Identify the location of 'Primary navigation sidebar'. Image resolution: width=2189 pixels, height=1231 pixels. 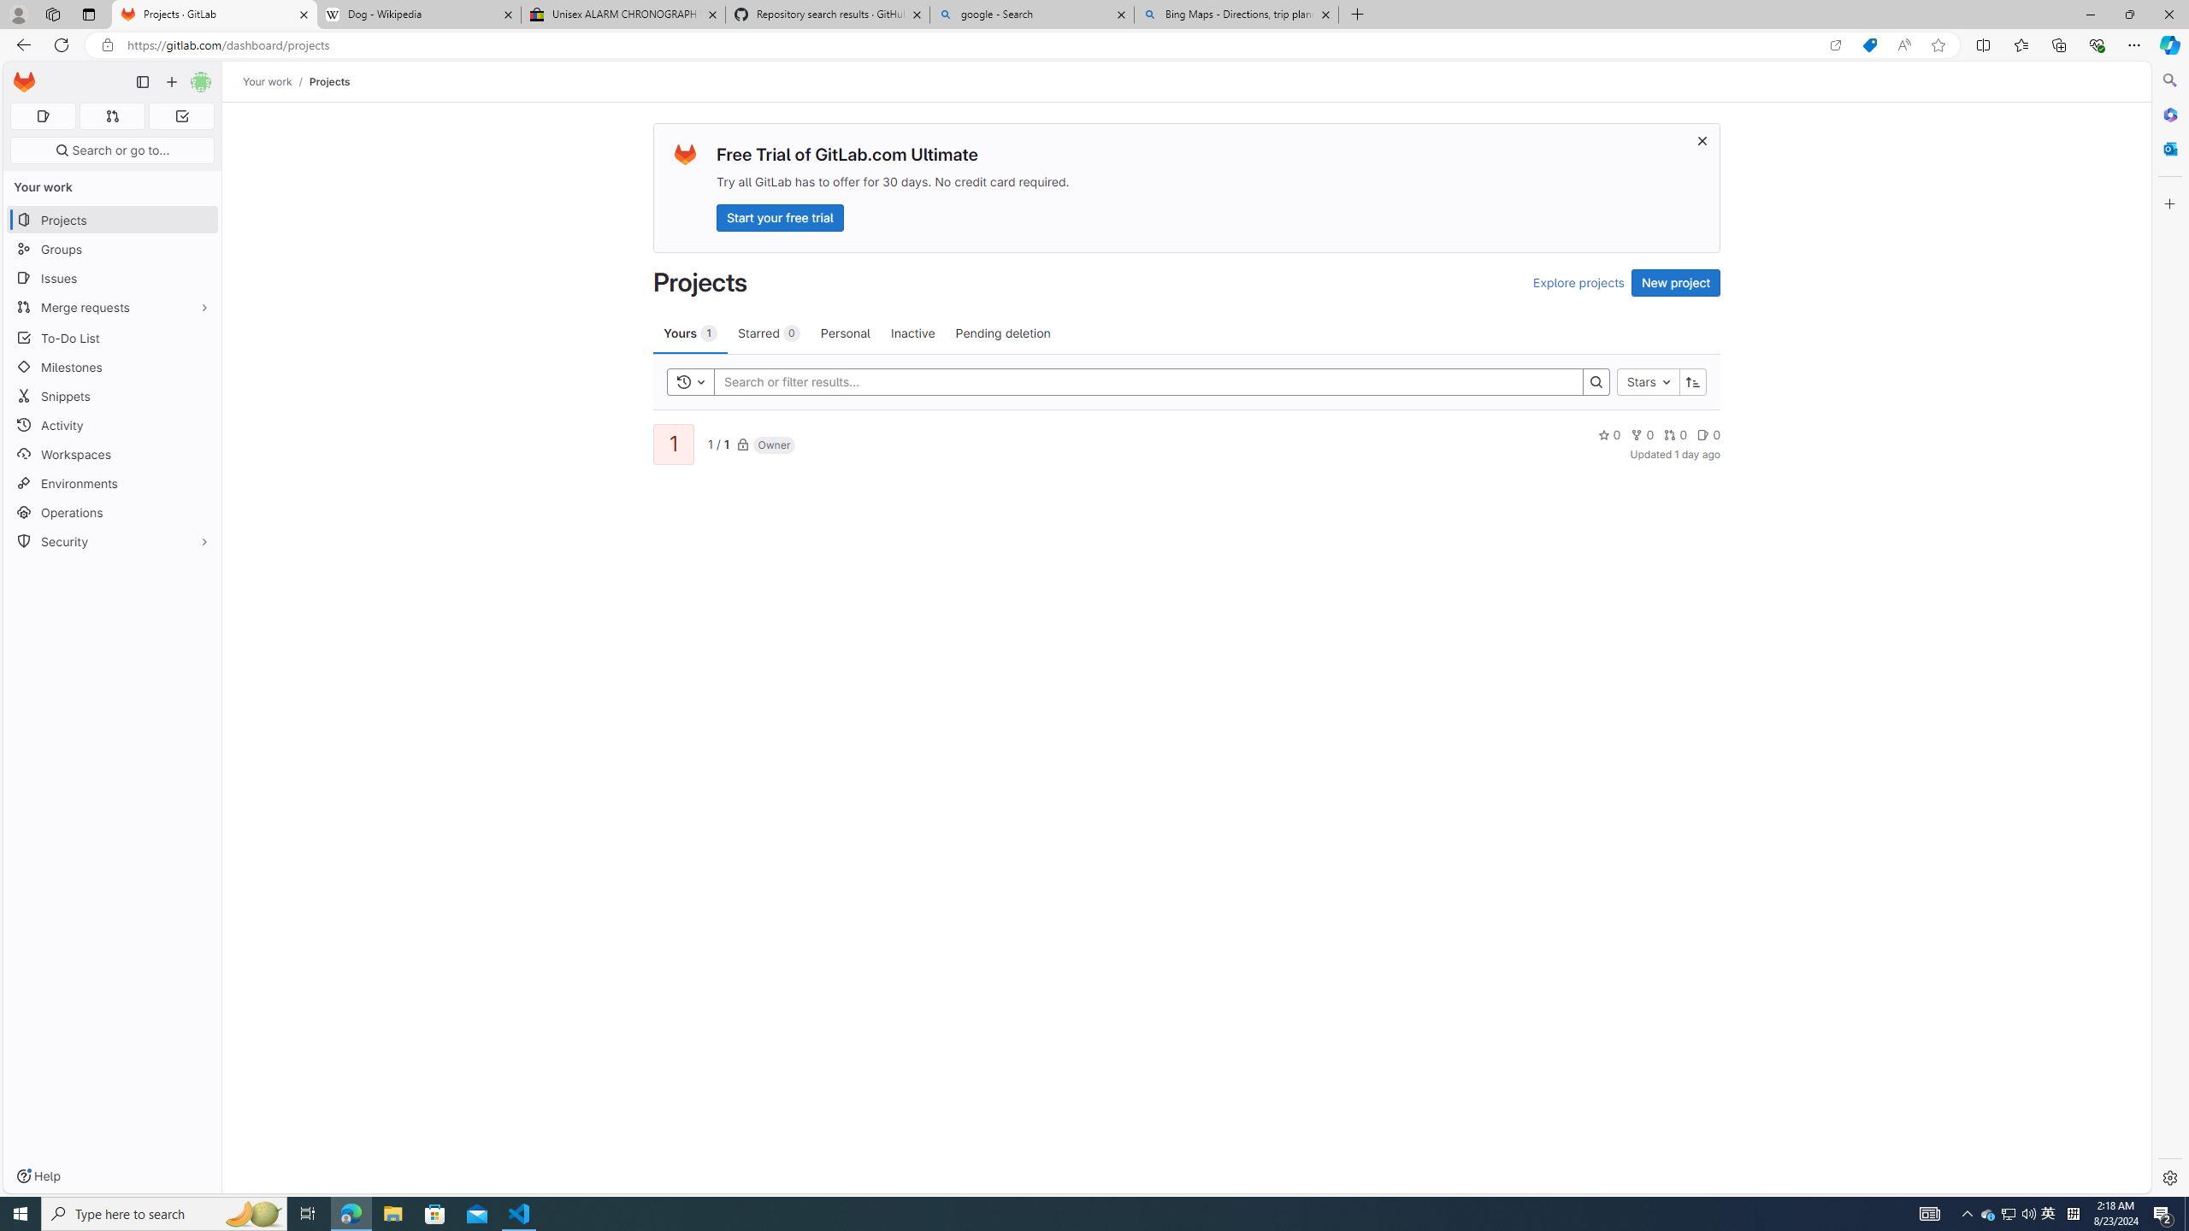
(142, 81).